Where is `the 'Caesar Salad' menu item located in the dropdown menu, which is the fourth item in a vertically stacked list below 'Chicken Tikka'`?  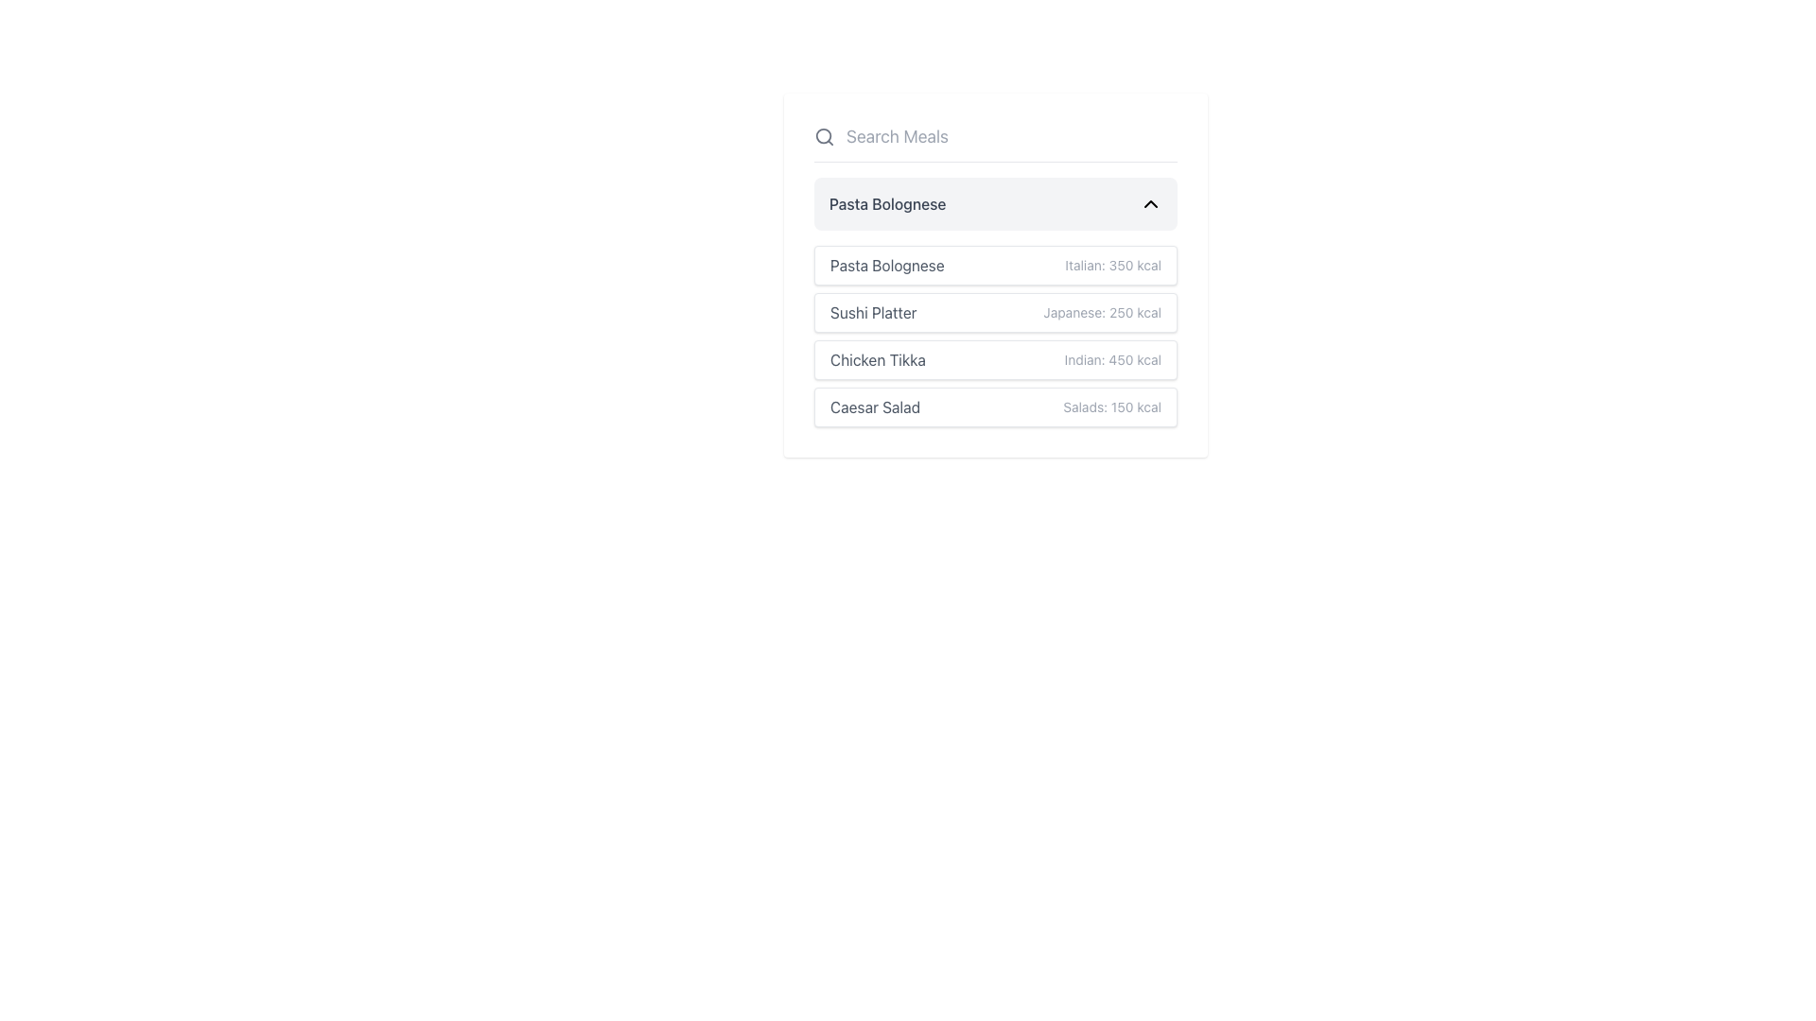
the 'Caesar Salad' menu item located in the dropdown menu, which is the fourth item in a vertically stacked list below 'Chicken Tikka' is located at coordinates (994, 407).